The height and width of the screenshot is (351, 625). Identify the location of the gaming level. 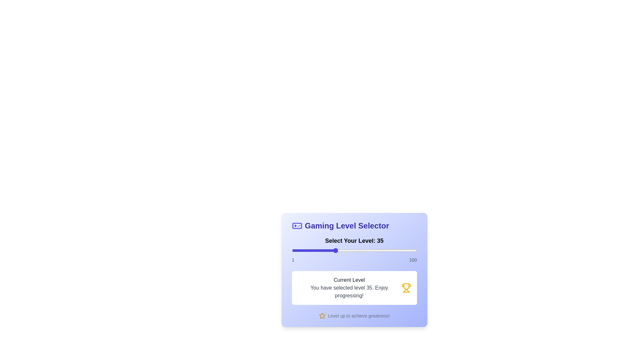
(402, 250).